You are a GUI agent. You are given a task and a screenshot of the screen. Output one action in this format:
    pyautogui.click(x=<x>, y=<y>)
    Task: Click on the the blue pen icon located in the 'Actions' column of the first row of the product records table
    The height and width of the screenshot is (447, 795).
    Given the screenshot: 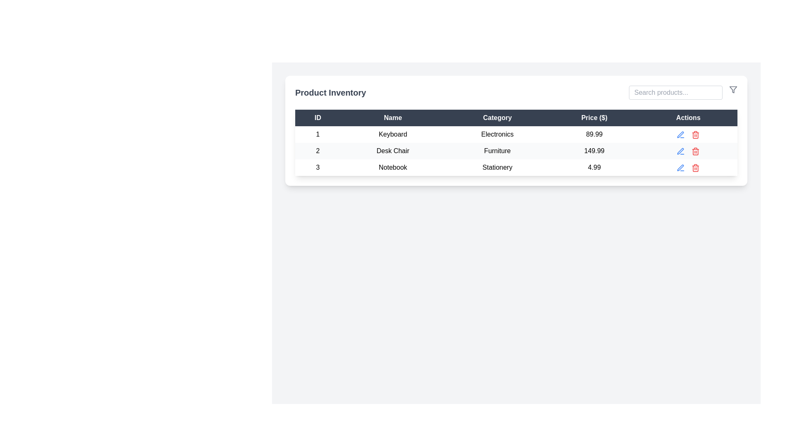 What is the action you would take?
    pyautogui.click(x=681, y=134)
    